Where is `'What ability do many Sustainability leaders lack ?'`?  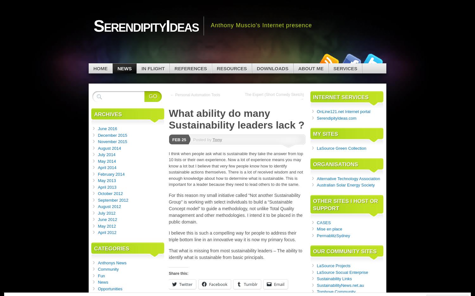 'What ability do many Sustainability leaders lack ?' is located at coordinates (168, 119).